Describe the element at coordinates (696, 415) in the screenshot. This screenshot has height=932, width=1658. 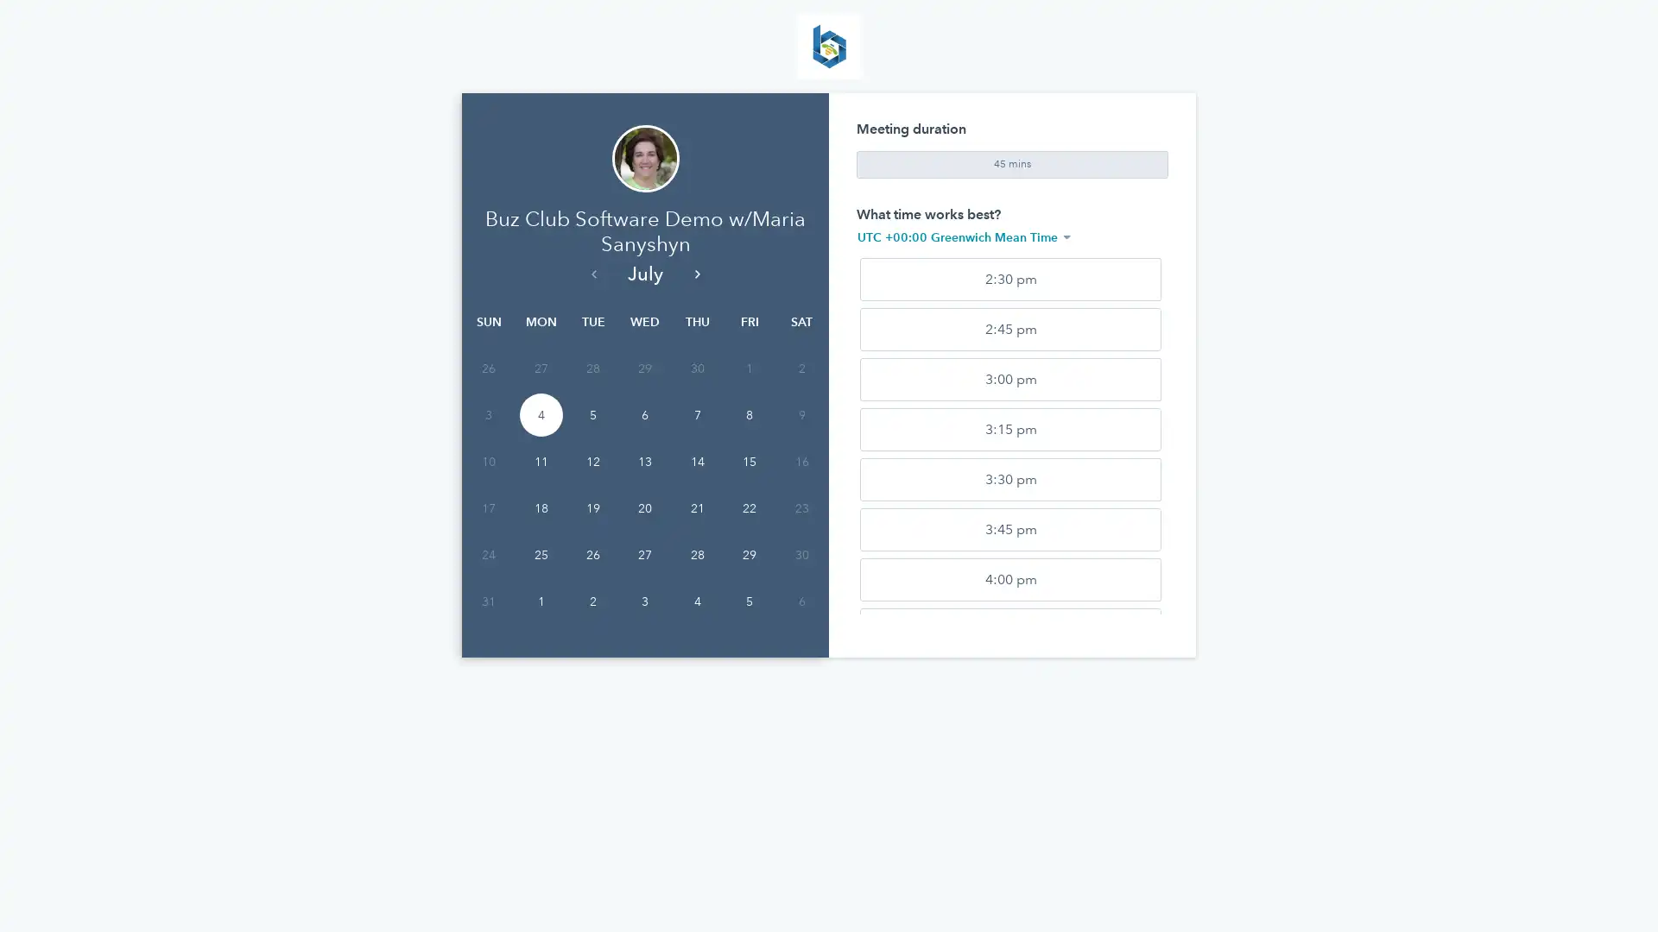
I see `July 7th` at that location.